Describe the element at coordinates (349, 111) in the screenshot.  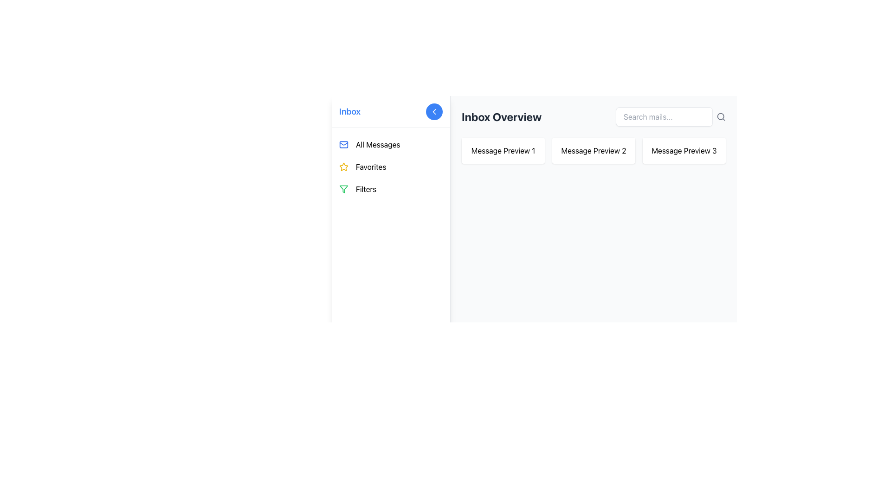
I see `the Text label that indicates the inbox section, positioned at the top of the left-hand panel before an interactive blue button with a rounded icon` at that location.